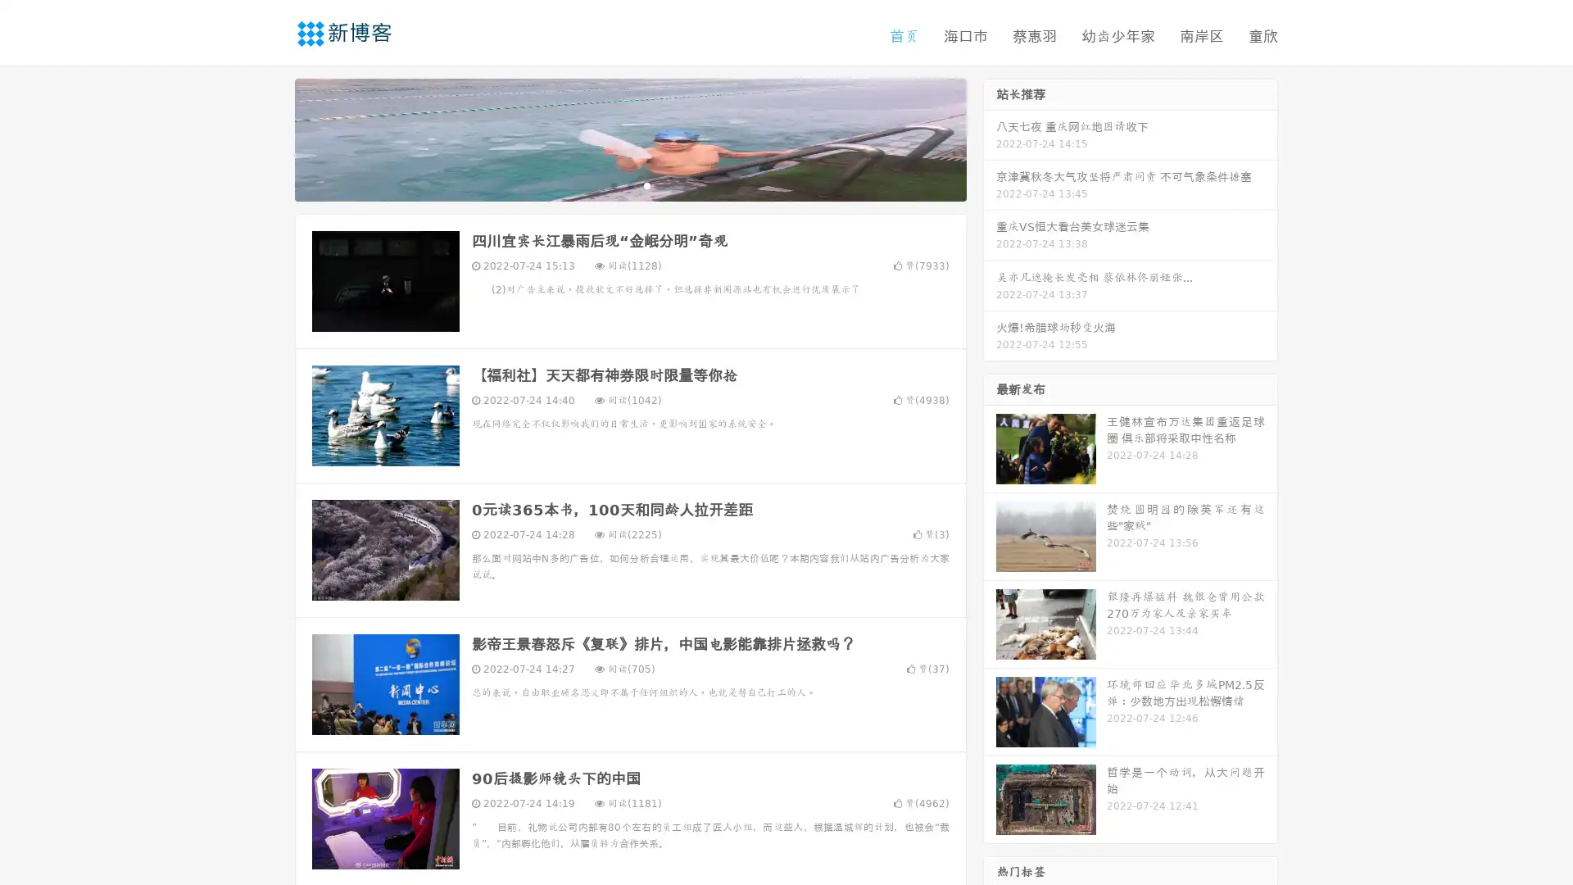 Image resolution: width=1573 pixels, height=885 pixels. Describe the element at coordinates (990, 138) in the screenshot. I see `Next slide` at that location.